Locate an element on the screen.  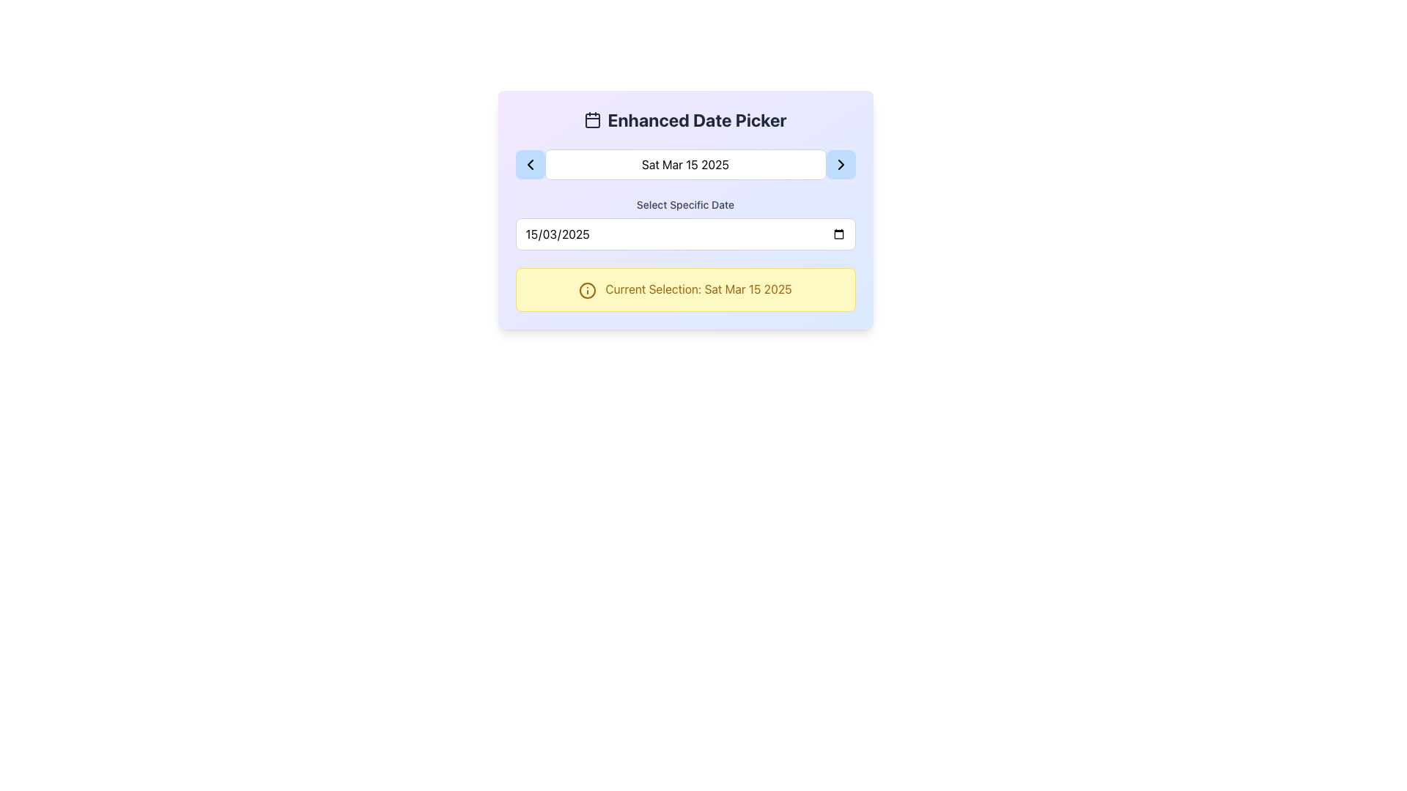
the date input field labeled 'Select Specific Date' is located at coordinates (684, 223).